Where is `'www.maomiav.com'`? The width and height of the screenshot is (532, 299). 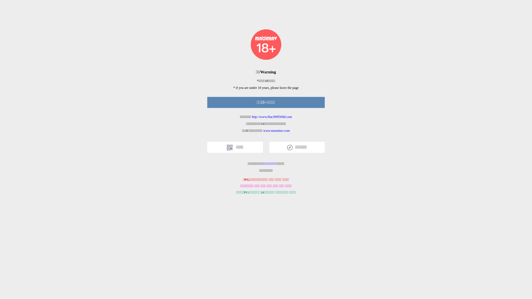 'www.maomiav.com' is located at coordinates (263, 130).